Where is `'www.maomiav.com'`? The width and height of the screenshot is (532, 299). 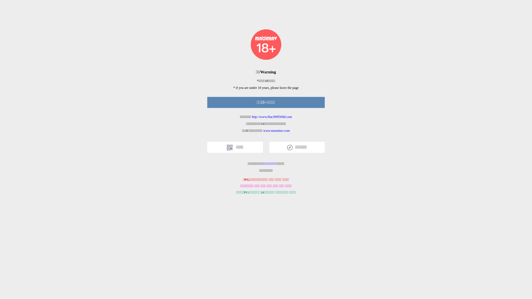 'www.maomiav.com' is located at coordinates (263, 130).